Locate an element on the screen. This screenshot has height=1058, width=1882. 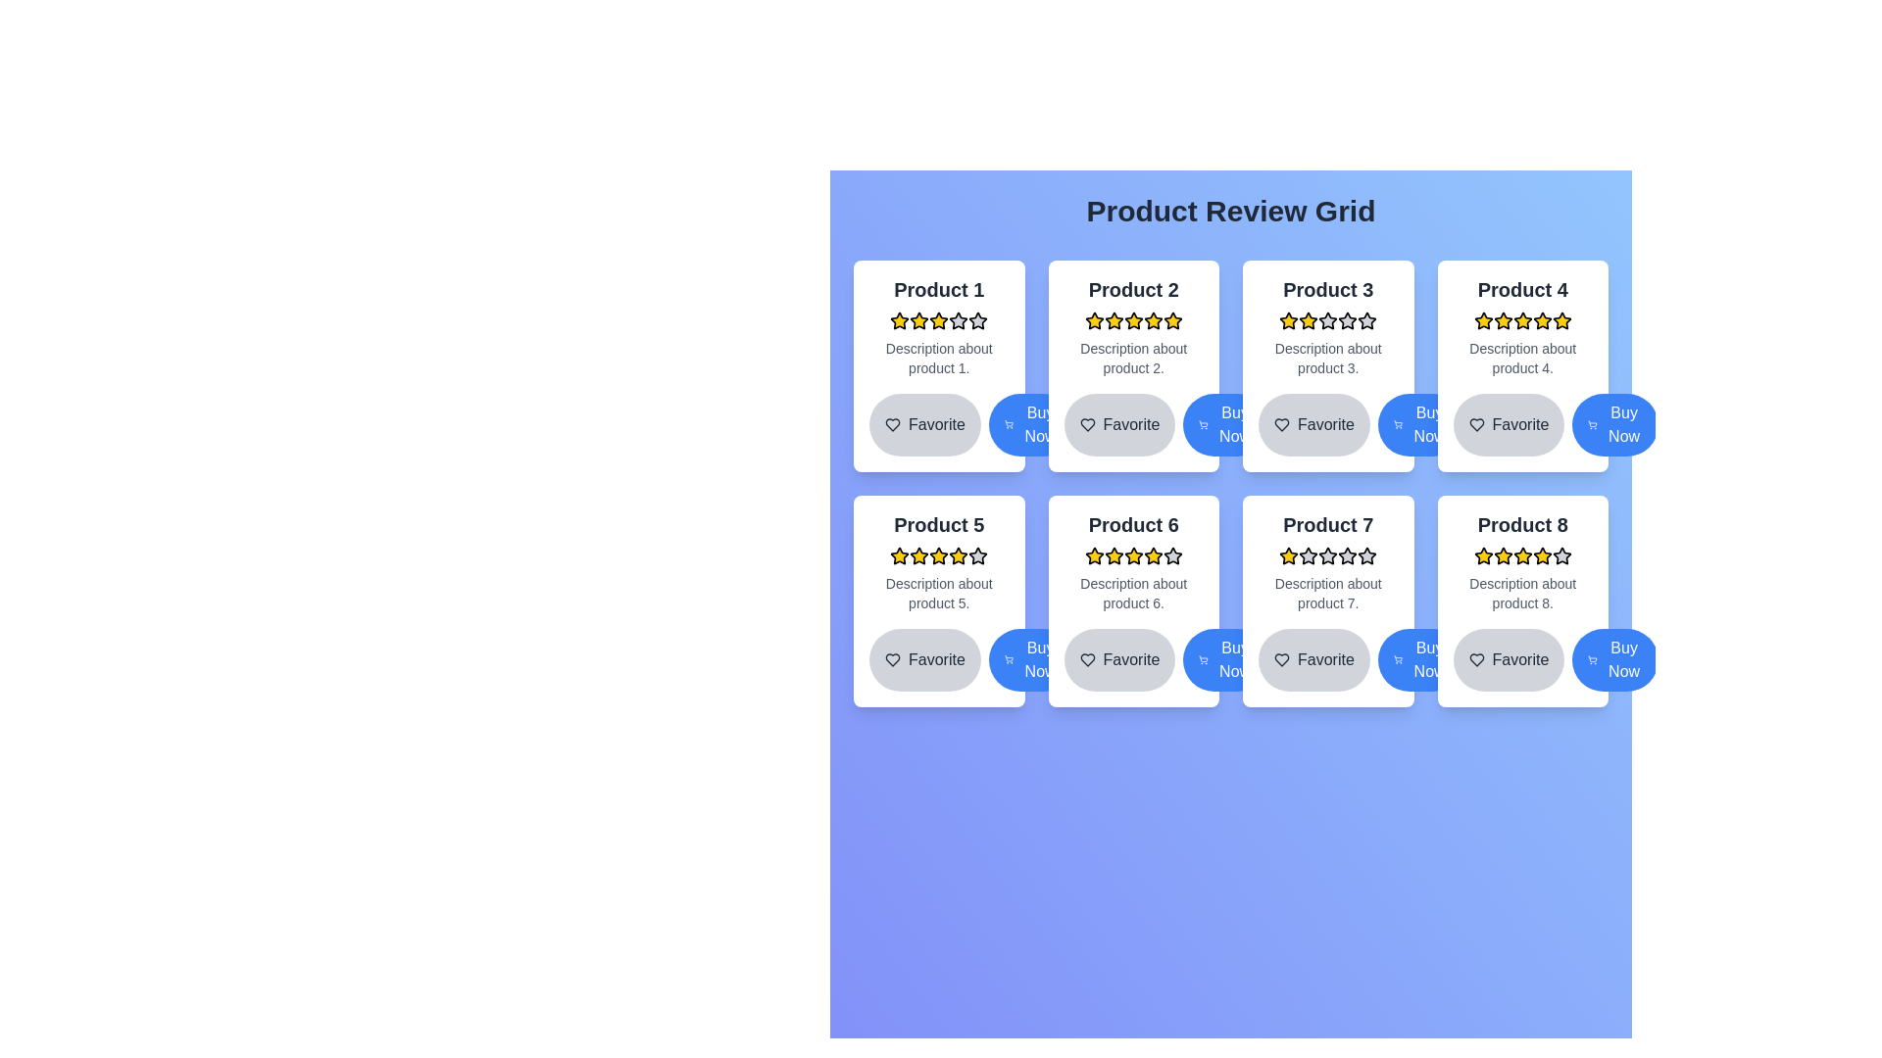
the first star-shaped rating icon with yellow fill and black outline in the top-left section of the product 1 card's five-star rating system is located at coordinates (899, 319).